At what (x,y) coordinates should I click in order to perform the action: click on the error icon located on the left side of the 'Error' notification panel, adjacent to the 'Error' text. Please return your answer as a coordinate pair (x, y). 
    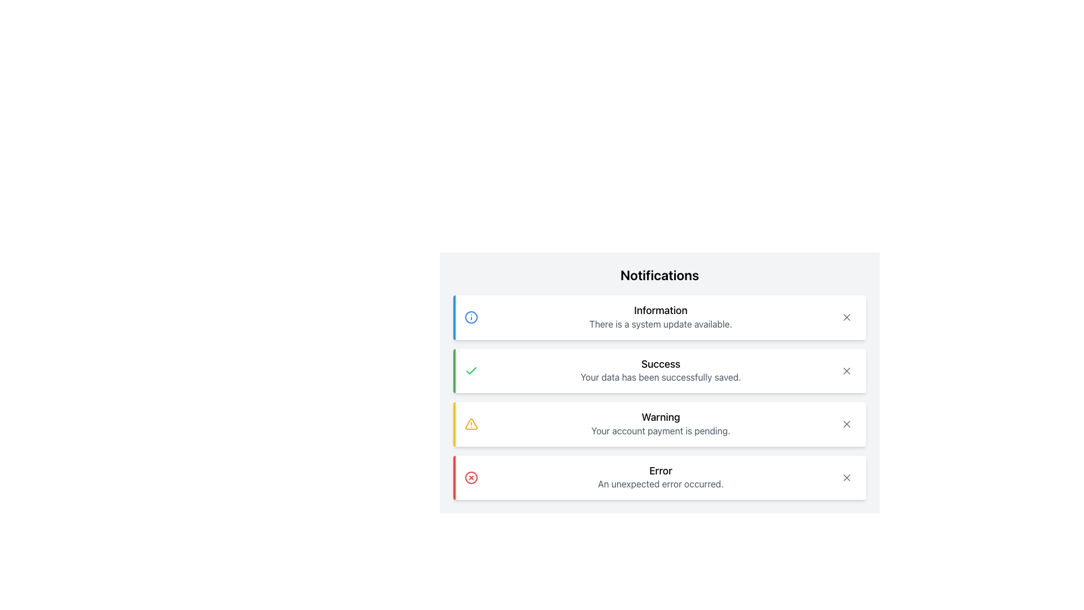
    Looking at the image, I should click on (471, 477).